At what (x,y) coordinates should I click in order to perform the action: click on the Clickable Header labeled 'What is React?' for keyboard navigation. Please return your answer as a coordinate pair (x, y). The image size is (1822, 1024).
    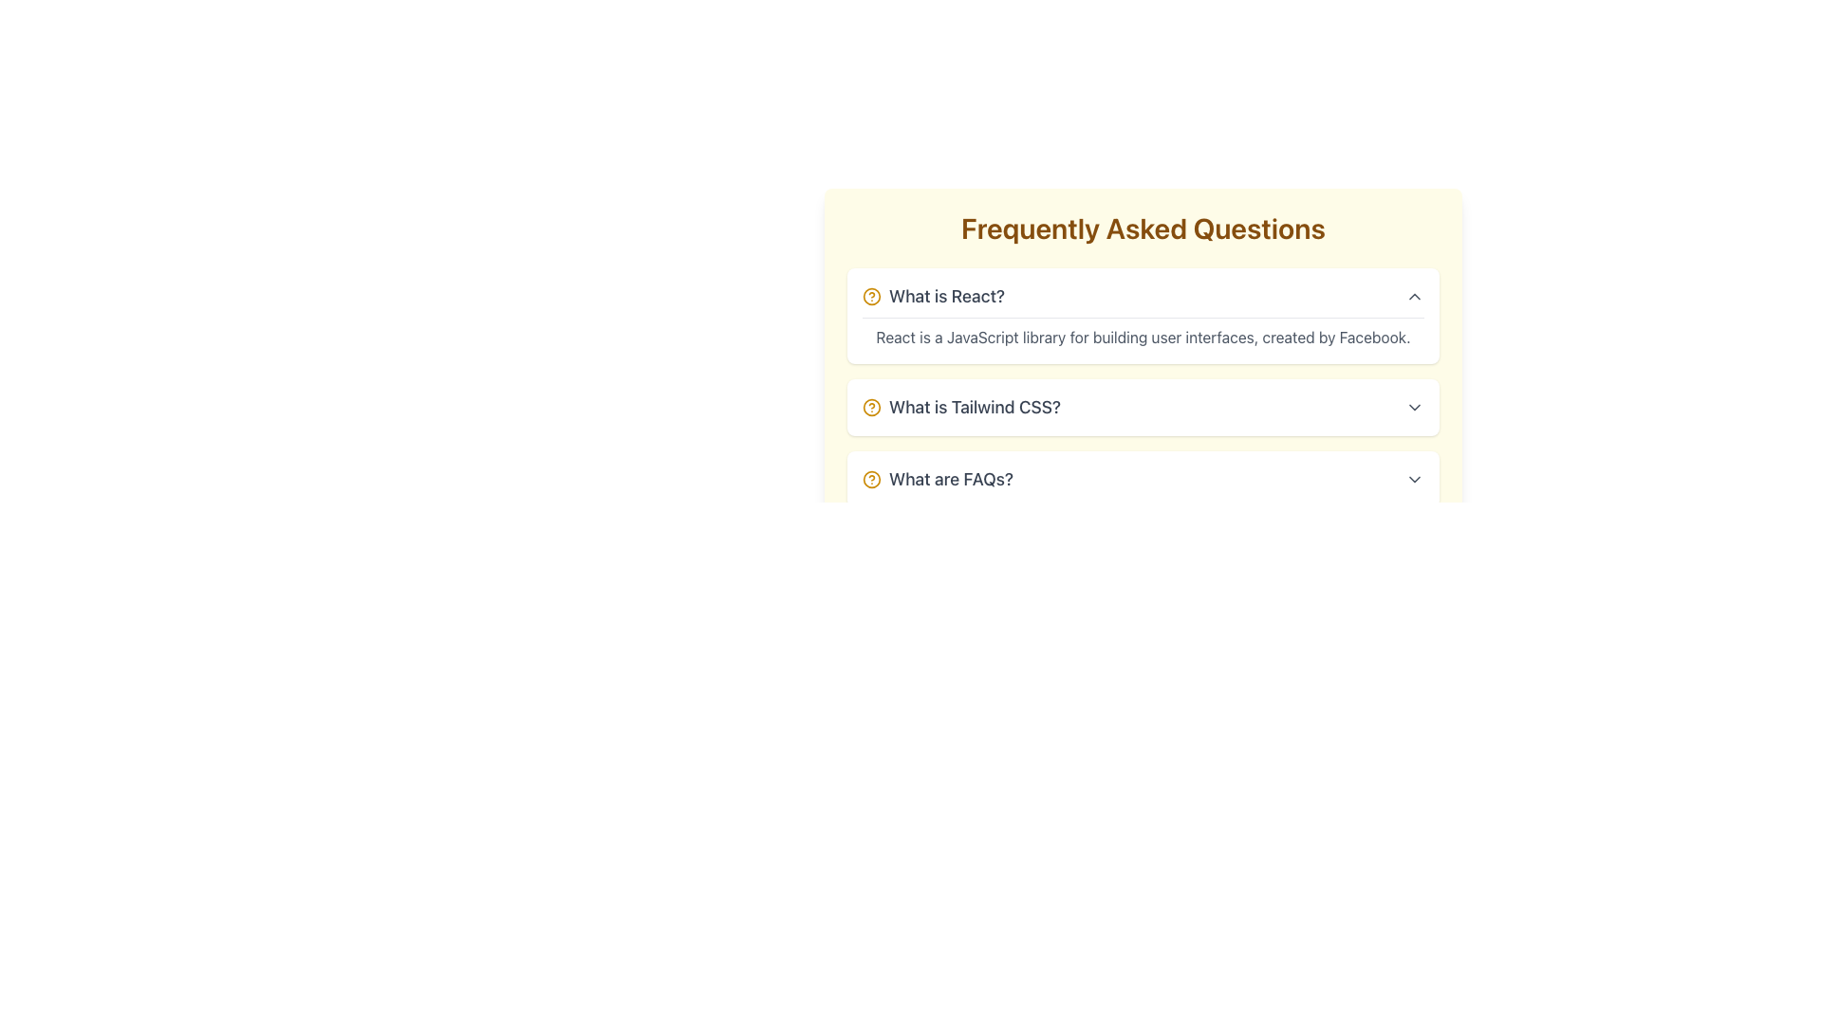
    Looking at the image, I should click on (1142, 296).